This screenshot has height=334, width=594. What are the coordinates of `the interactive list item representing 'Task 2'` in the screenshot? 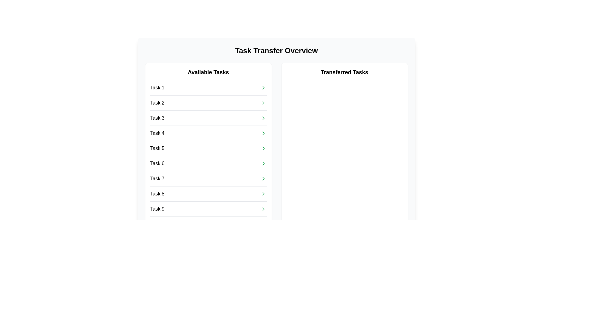 It's located at (208, 103).